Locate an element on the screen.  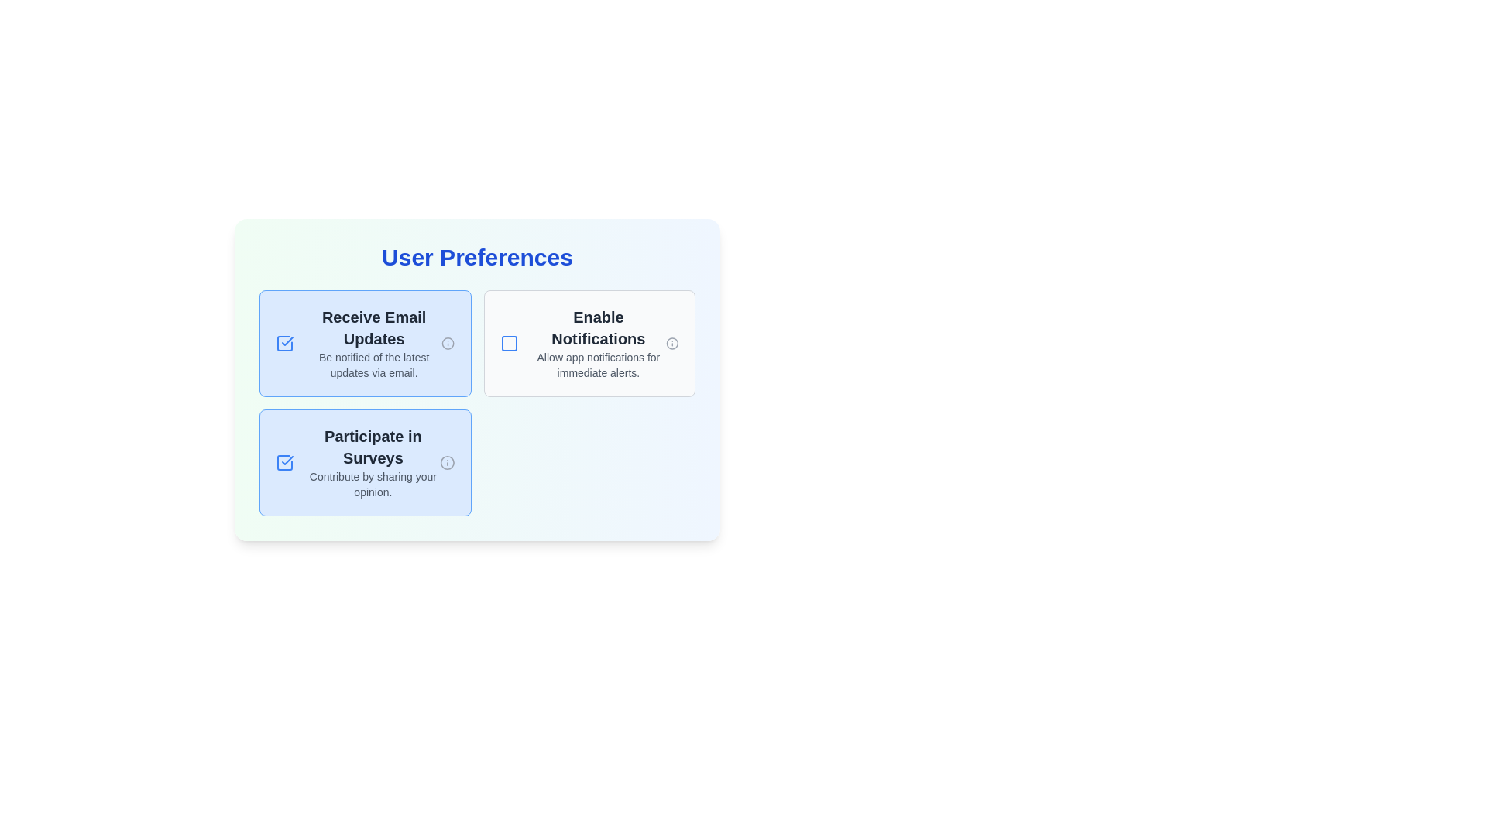
the text content element titled 'Enable Notifications' that informs the user about enabling notifications, located in the middle column under 'User Preferences' is located at coordinates (597, 342).